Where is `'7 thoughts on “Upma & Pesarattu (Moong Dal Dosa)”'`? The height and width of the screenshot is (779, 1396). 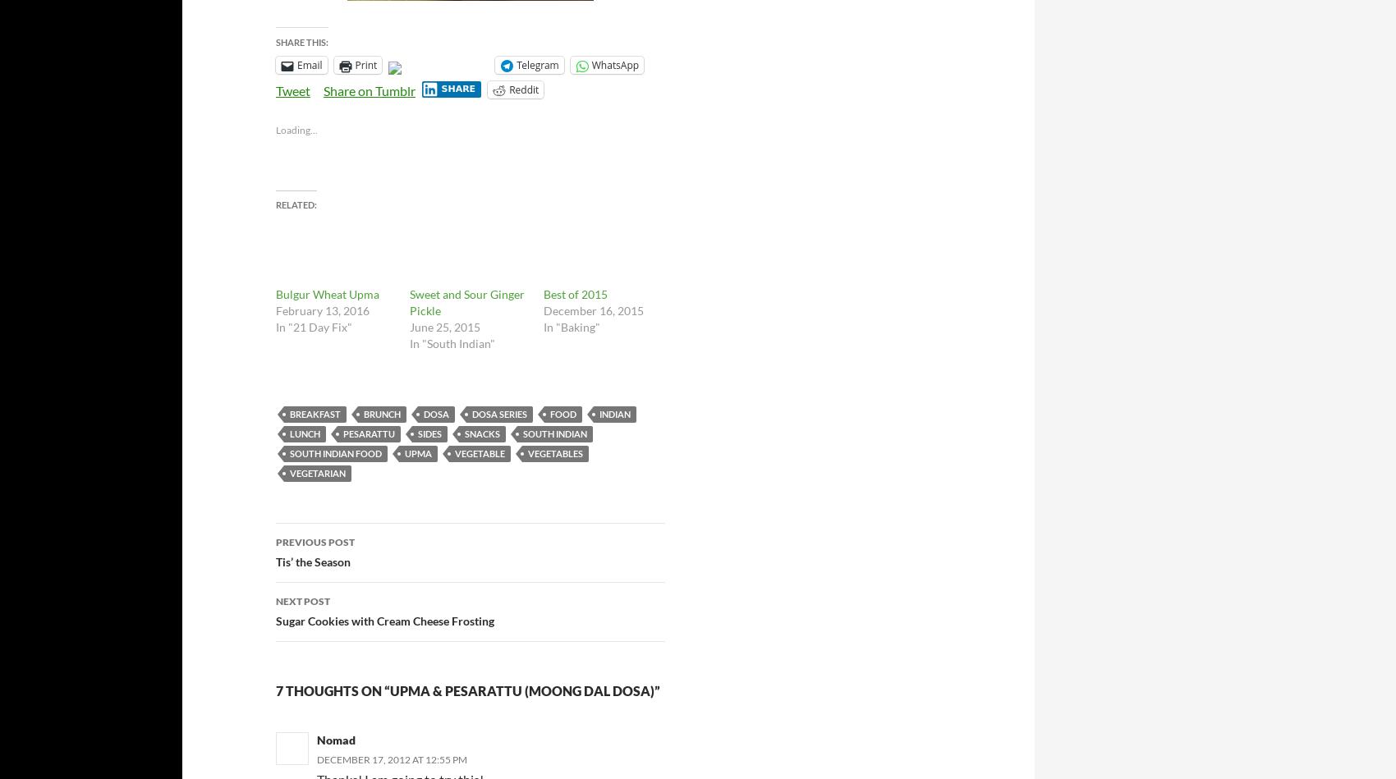
'7 thoughts on “Upma & Pesarattu (Moong Dal Dosa)”' is located at coordinates (467, 689).